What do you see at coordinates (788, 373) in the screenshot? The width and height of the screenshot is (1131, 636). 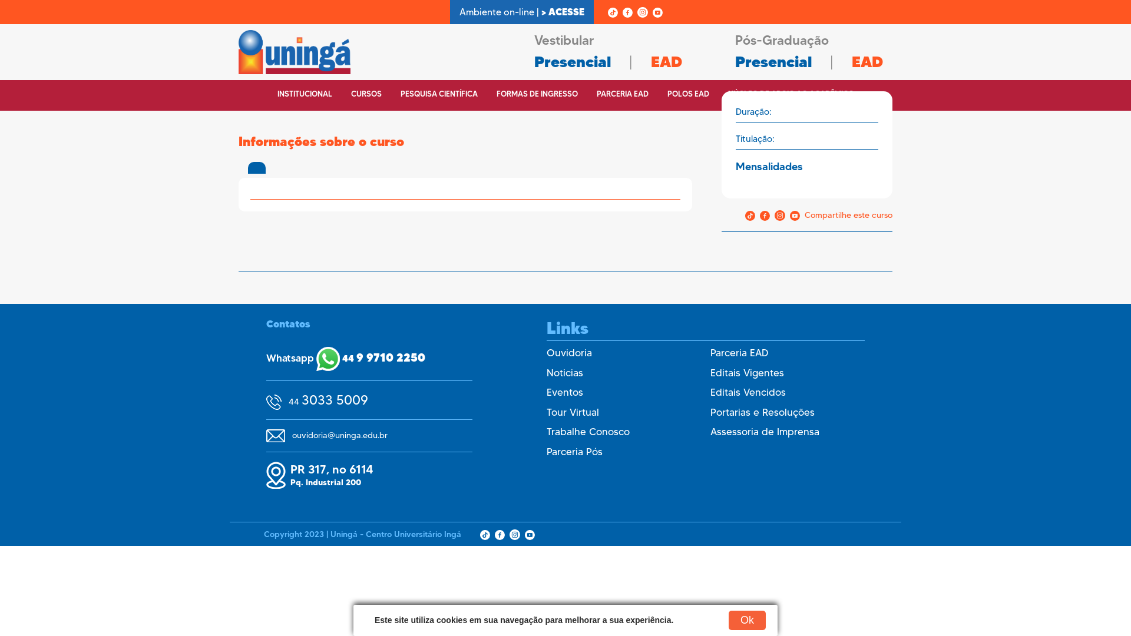 I see `'Editais Vigentes'` at bounding box center [788, 373].